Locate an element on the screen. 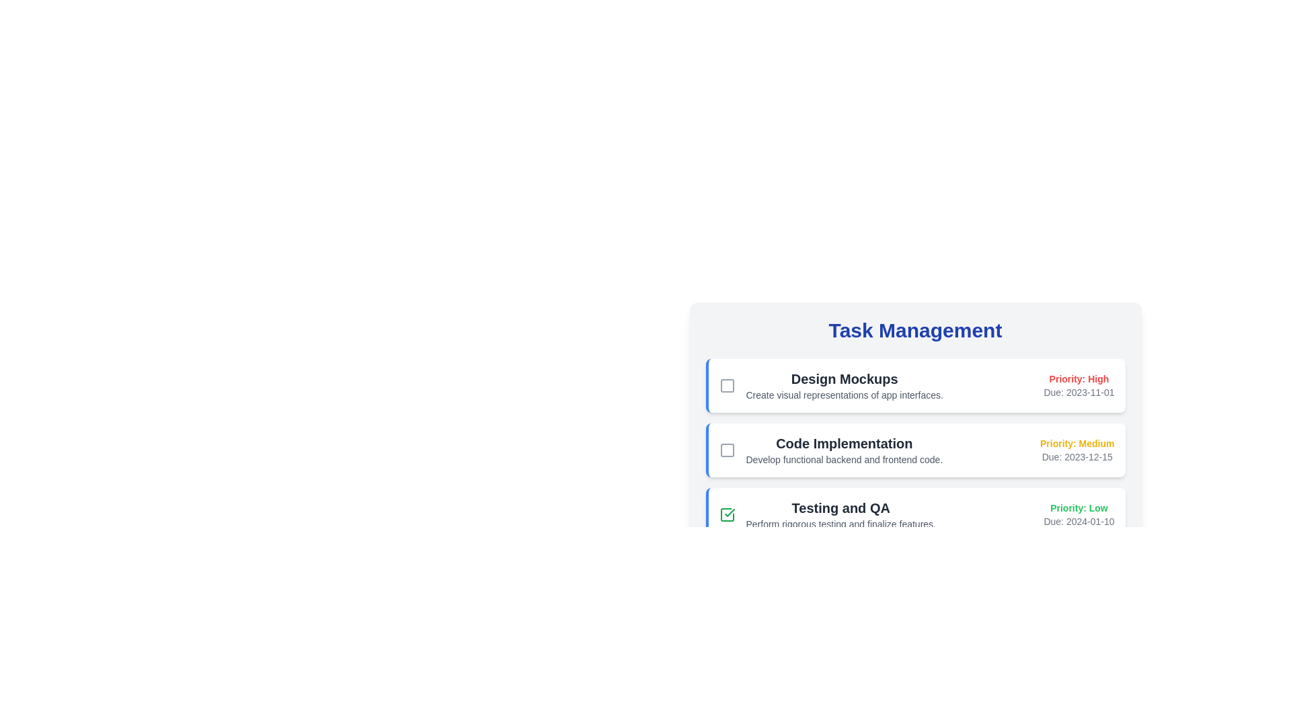 The image size is (1291, 726). the 'Medium' priority level static label located at the upper part of the 'Code Implementation' task card, adjacent to the 'Due: 2023-12-15' text is located at coordinates (1077, 443).